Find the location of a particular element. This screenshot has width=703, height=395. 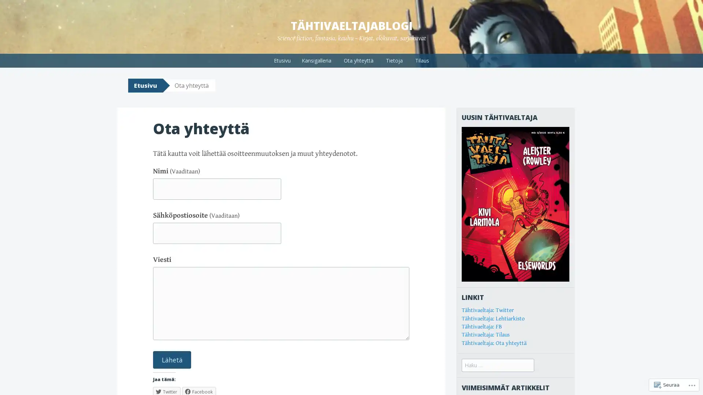

Laheta is located at coordinates (172, 359).